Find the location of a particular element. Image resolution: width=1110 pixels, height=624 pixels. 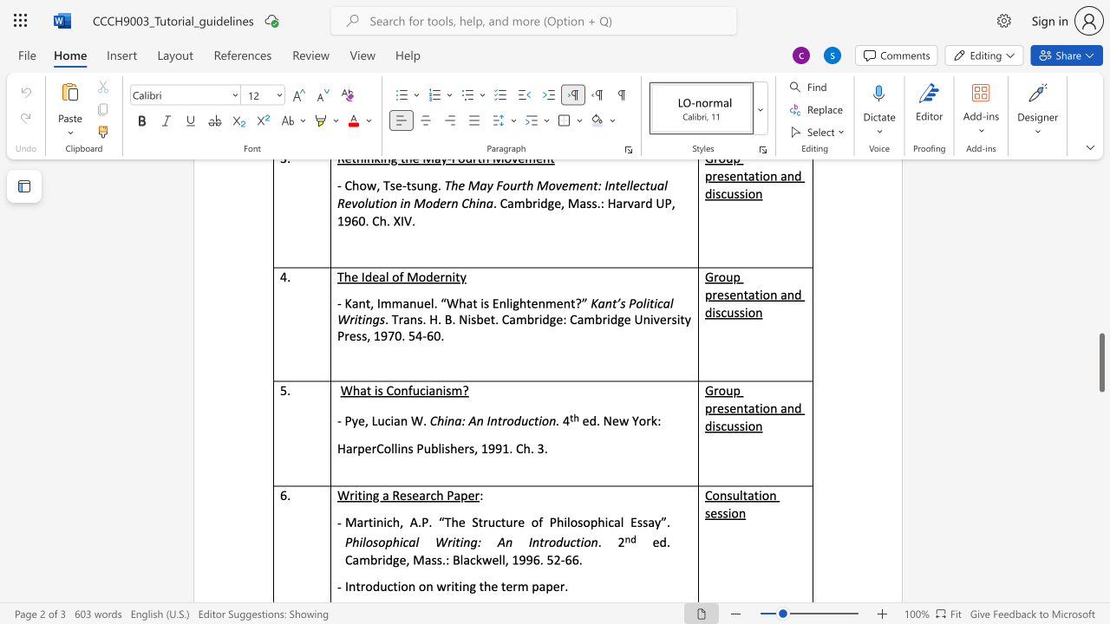

the scrollbar on the right to move the page upward is located at coordinates (1100, 284).